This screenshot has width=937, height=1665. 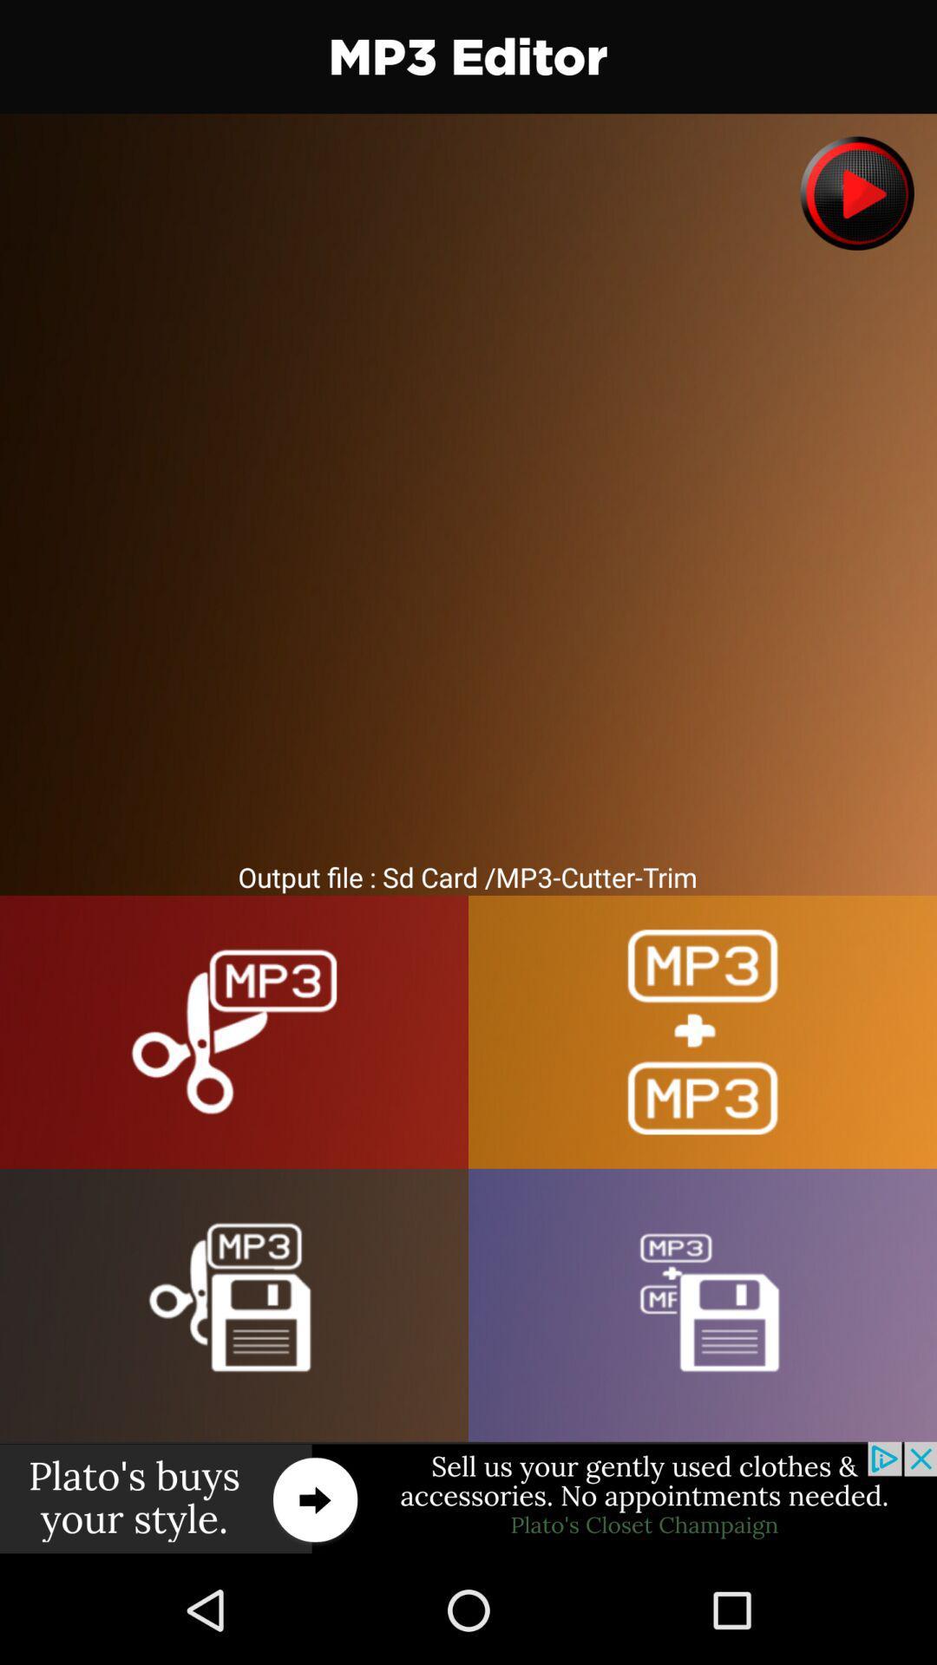 I want to click on to join mp3 files, so click(x=703, y=1032).